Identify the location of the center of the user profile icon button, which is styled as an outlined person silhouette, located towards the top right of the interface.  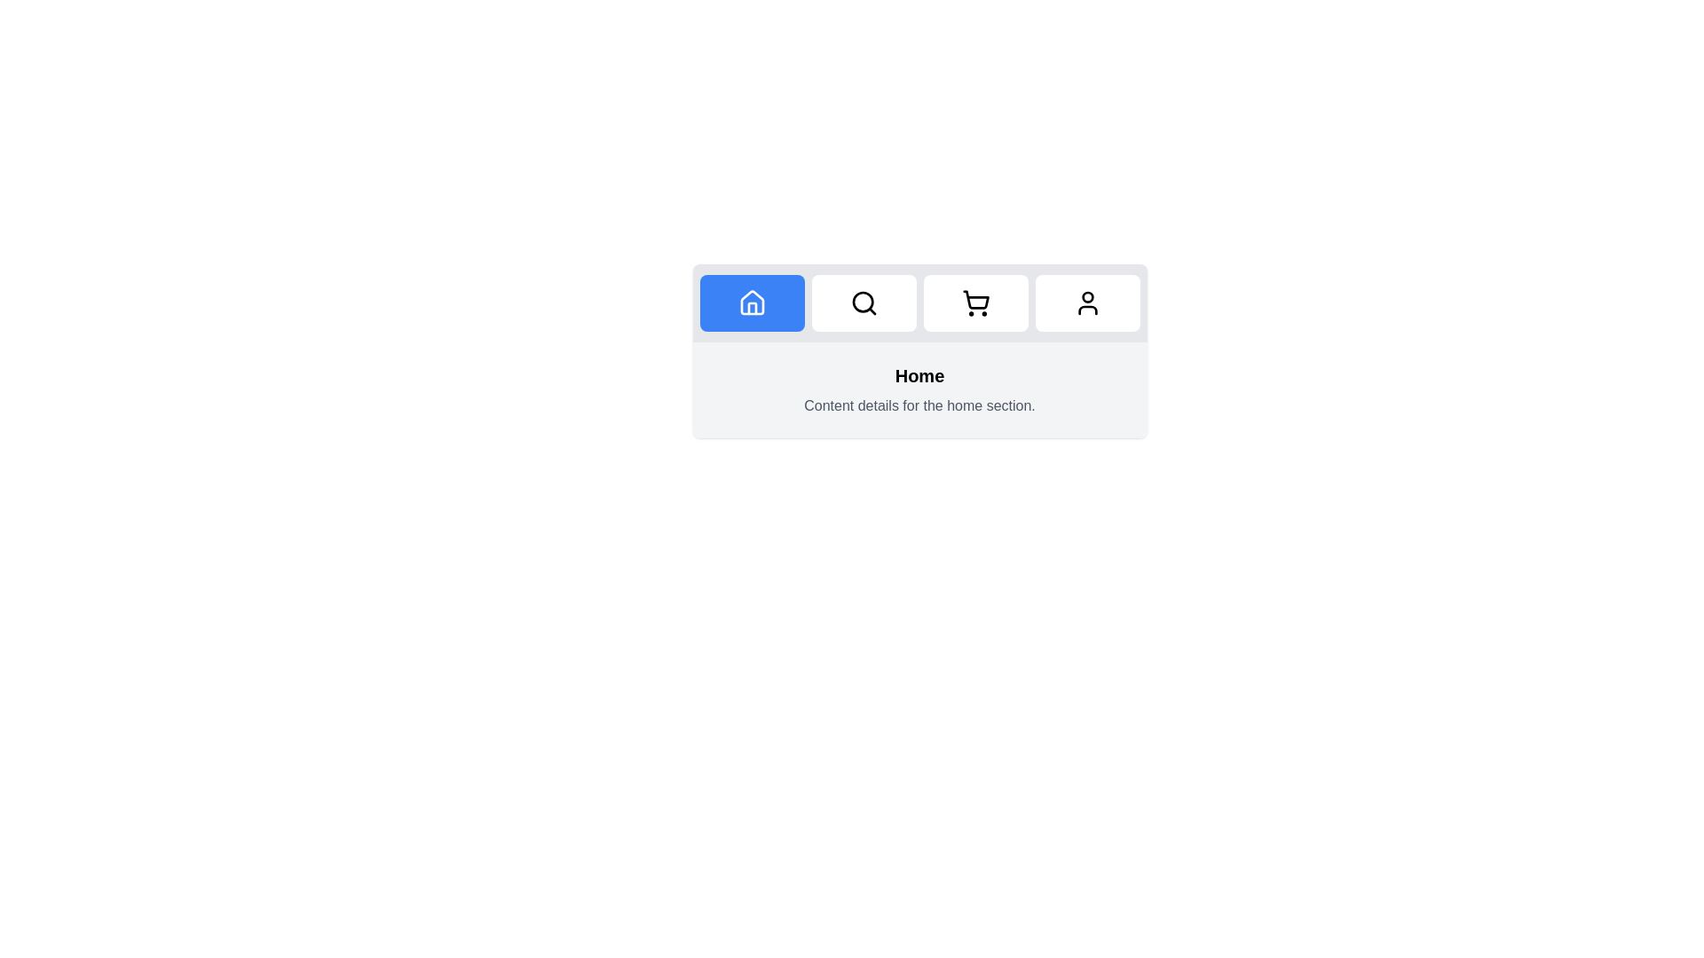
(1086, 302).